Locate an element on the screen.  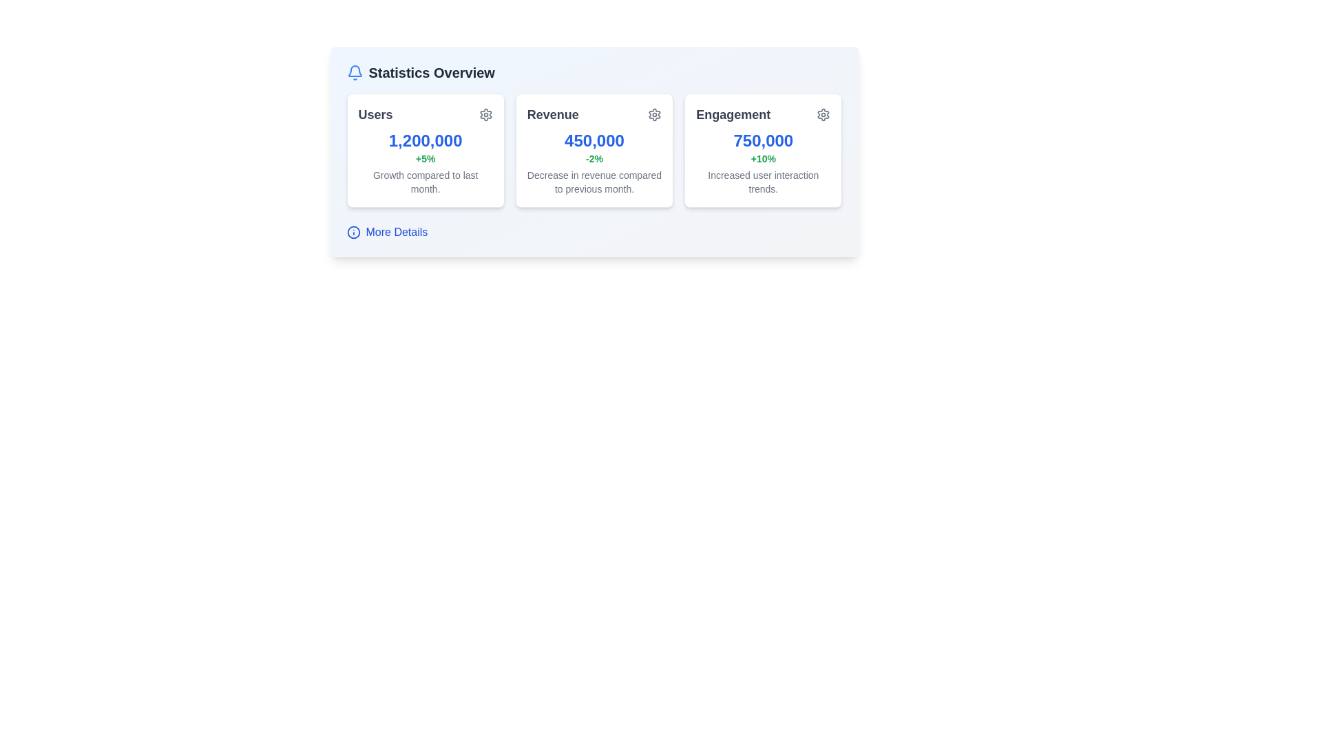
the Informational card showing revenue data, which is the second card in a row of three cards, positioned centrally with 'Users' on the left and 'Engagement' on the right is located at coordinates (594, 151).